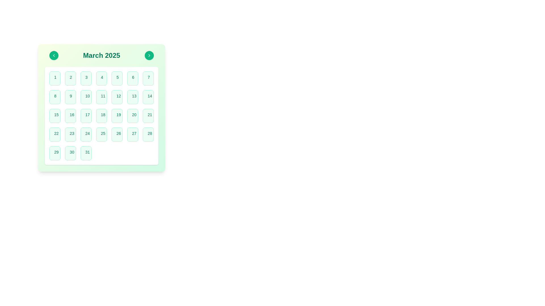 This screenshot has width=545, height=306. What do you see at coordinates (134, 115) in the screenshot?
I see `static text displaying the number '20' in the calendar interface to identify the date March 20, 2025` at bounding box center [134, 115].